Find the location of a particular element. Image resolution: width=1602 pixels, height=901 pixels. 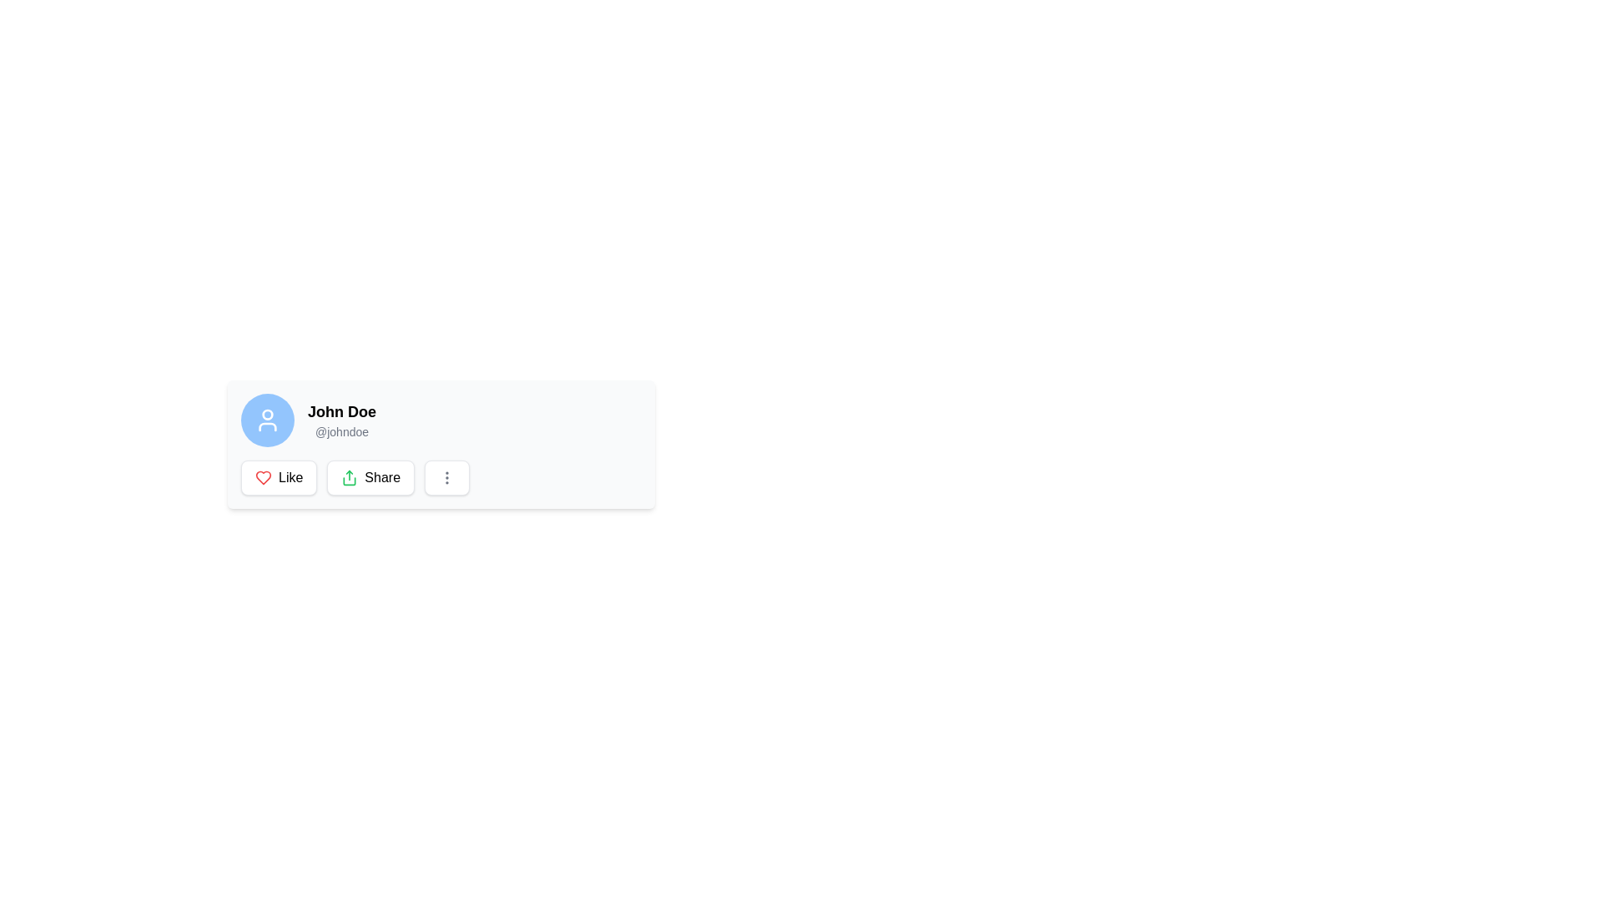

the bold text label 'John Doe' next to the profile picture in the layout card is located at coordinates (340, 411).